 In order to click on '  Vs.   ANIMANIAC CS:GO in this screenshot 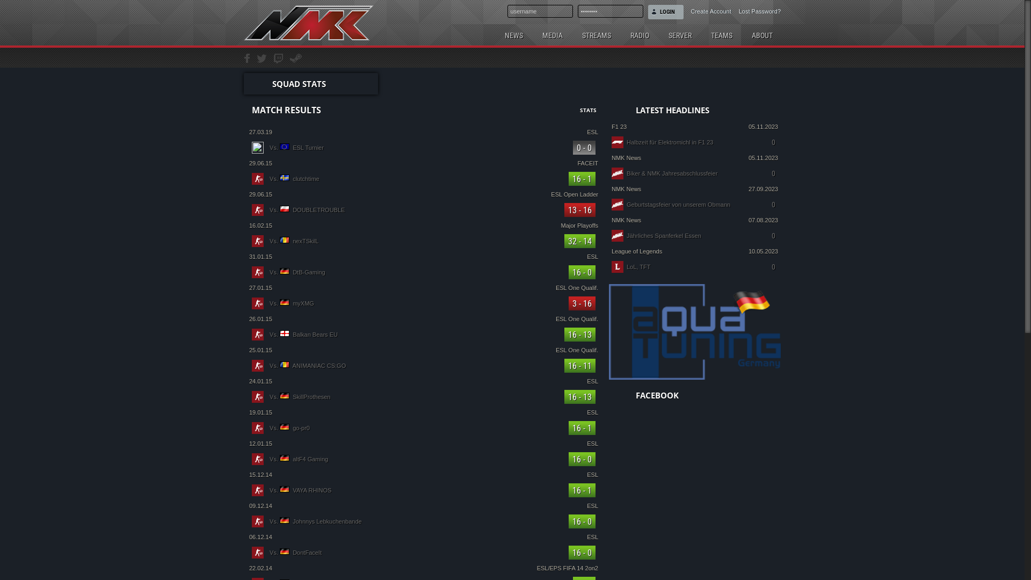, I will do `click(423, 365)`.